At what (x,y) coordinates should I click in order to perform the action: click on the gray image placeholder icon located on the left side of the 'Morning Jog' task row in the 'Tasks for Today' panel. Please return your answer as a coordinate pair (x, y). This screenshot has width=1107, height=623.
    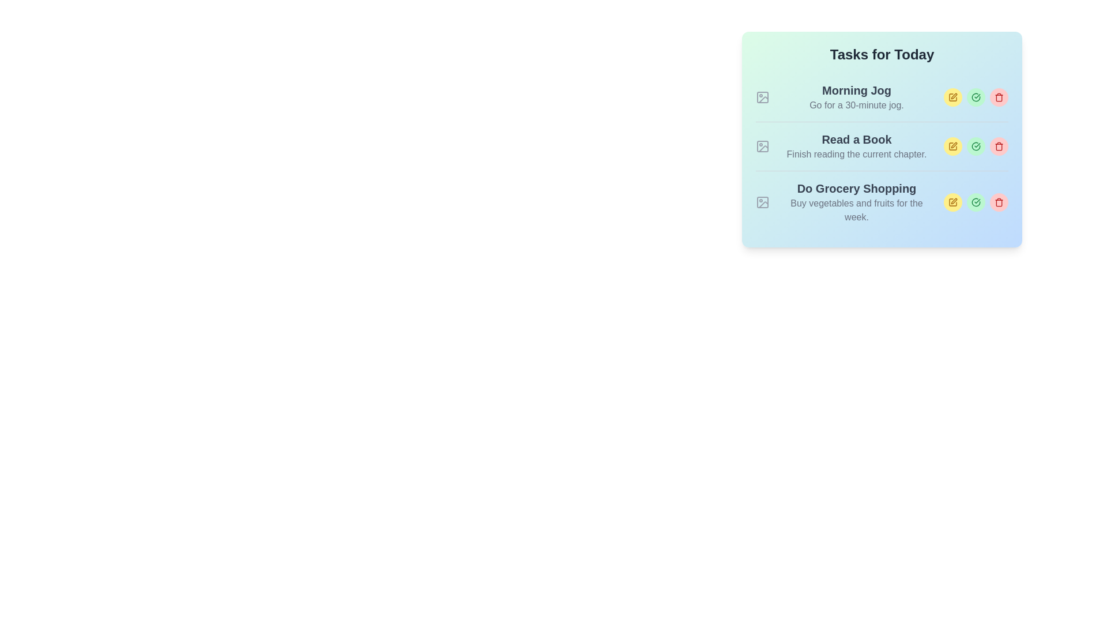
    Looking at the image, I should click on (763, 97).